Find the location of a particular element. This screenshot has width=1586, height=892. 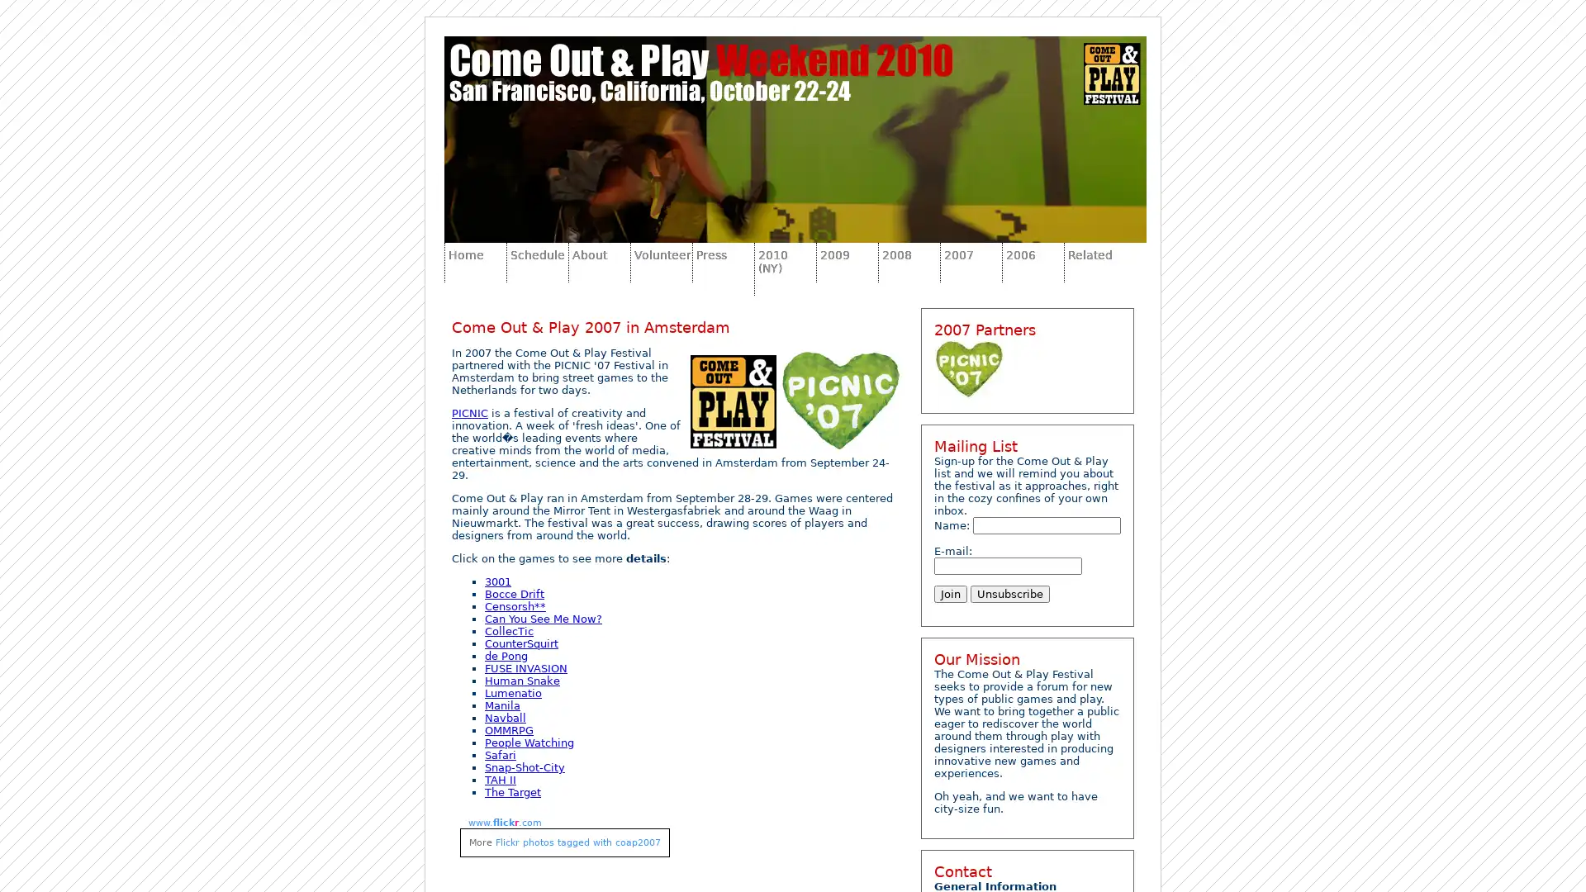

Join is located at coordinates (951, 593).